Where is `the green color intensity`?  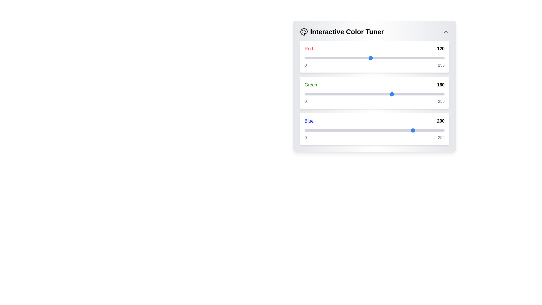
the green color intensity is located at coordinates (428, 94).